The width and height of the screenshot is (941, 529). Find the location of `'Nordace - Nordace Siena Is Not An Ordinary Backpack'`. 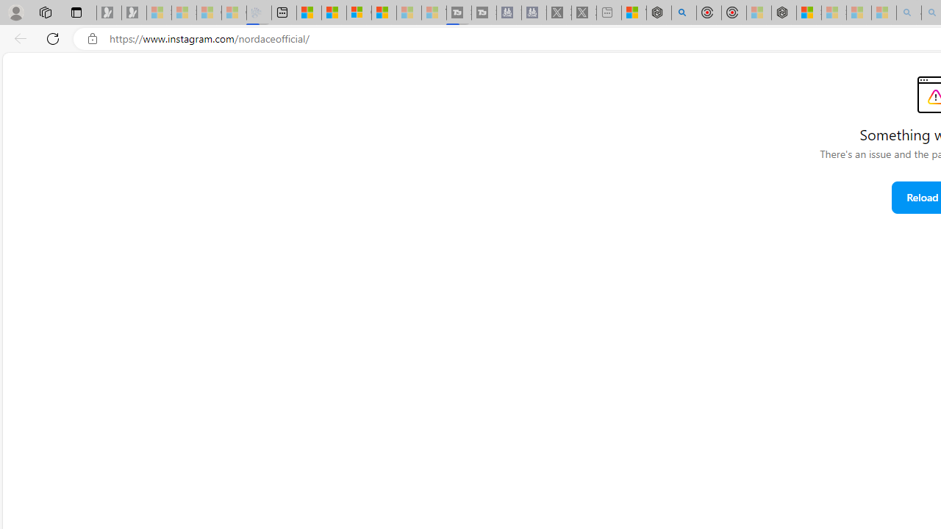

'Nordace - Nordace Siena Is Not An Ordinary Backpack' is located at coordinates (783, 12).